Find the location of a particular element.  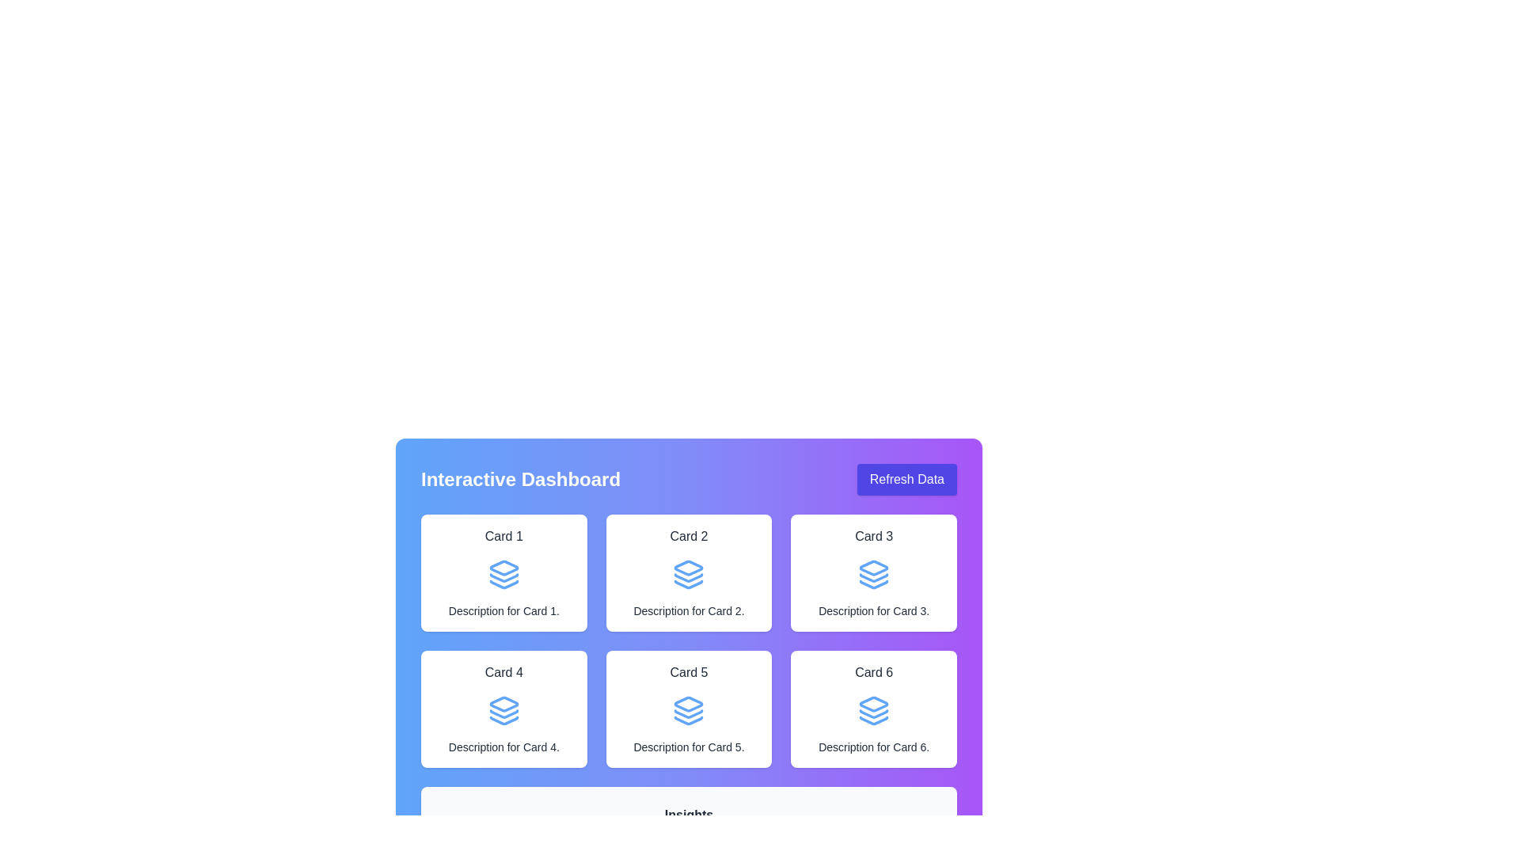

the informational card labeled 'Card 4', which is positioned in the first column of the second row in the grid layout is located at coordinates (503, 708).